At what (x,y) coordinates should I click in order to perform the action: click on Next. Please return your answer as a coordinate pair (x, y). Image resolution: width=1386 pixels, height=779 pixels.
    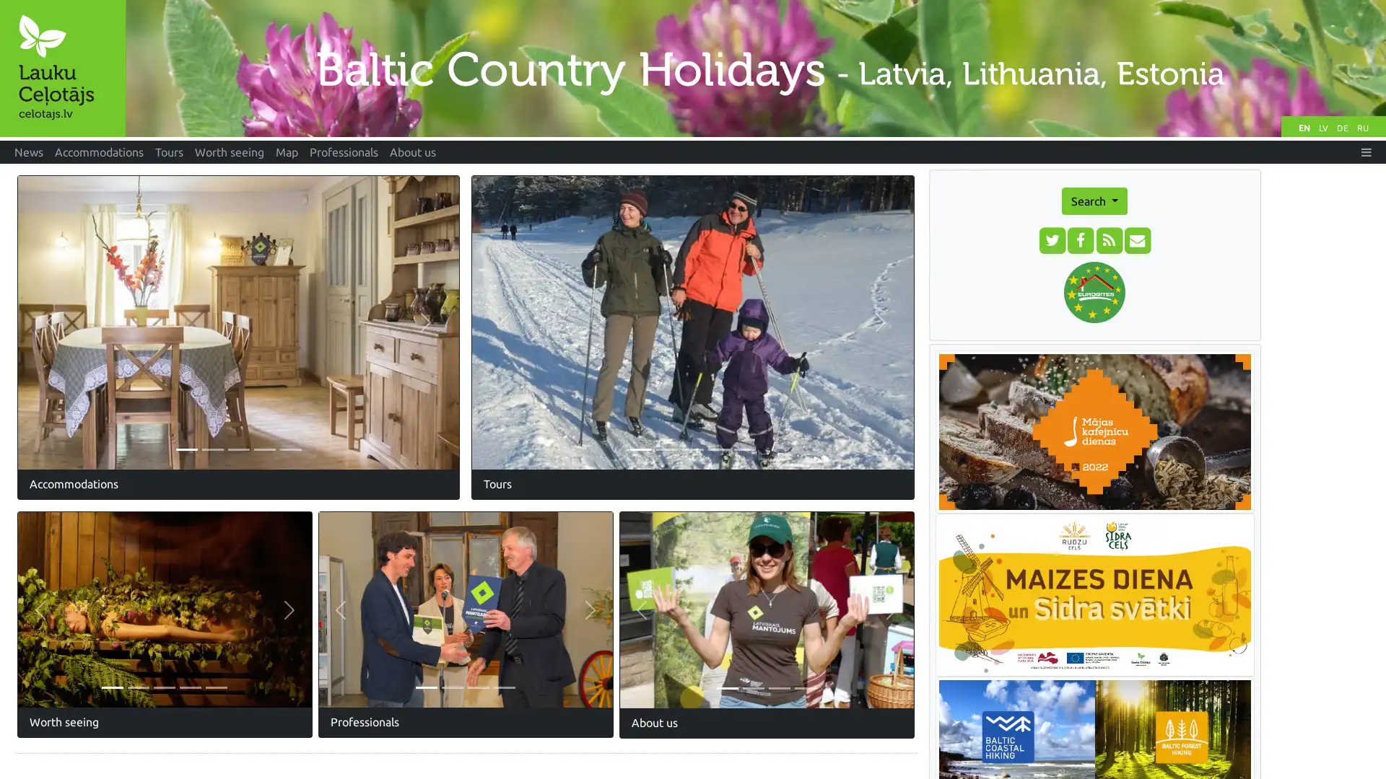
    Looking at the image, I should click on (890, 609).